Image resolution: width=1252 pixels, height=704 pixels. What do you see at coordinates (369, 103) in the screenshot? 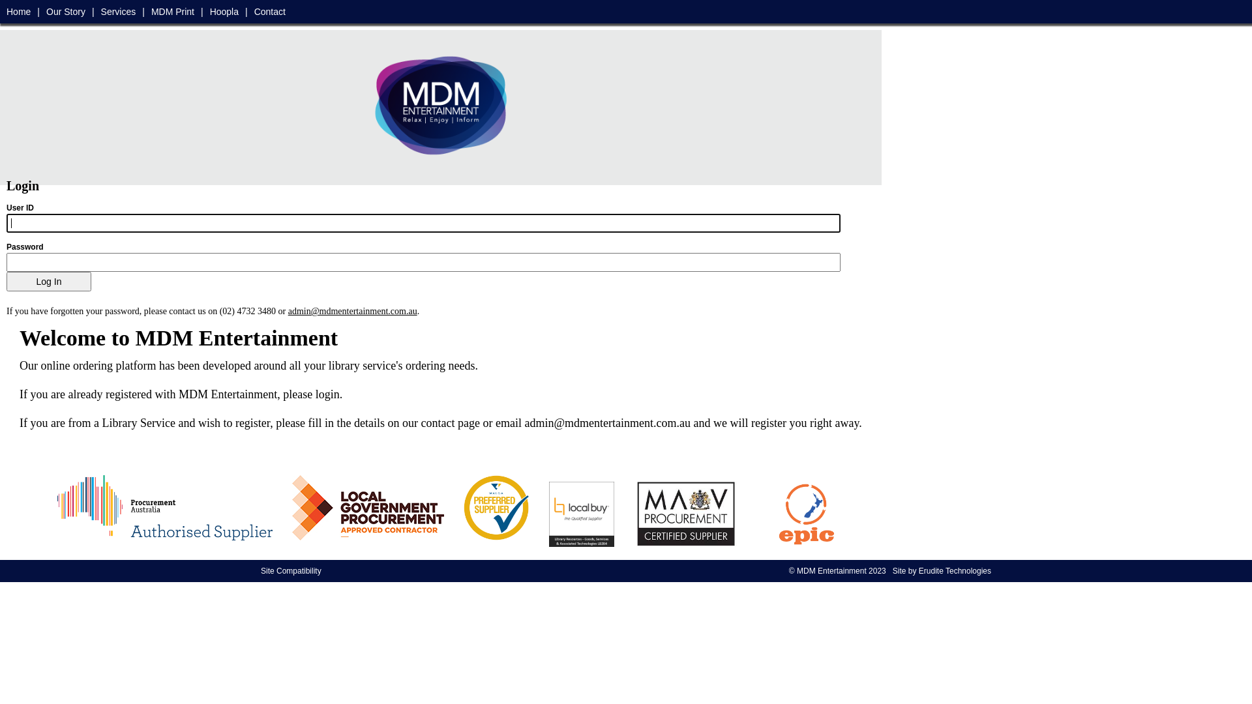
I see `'MDM Entertainment Homepage'` at bounding box center [369, 103].